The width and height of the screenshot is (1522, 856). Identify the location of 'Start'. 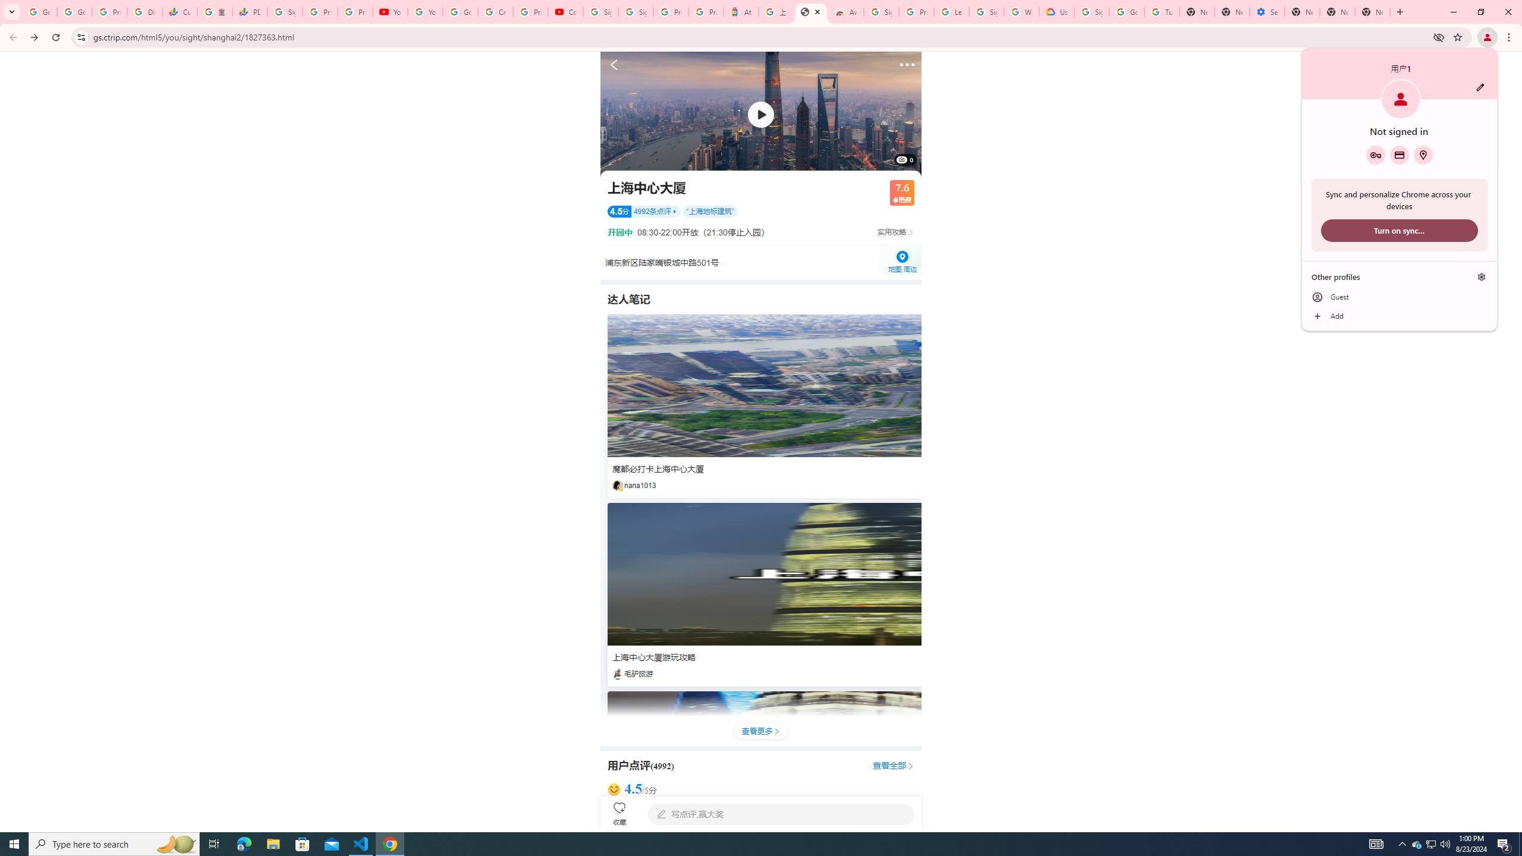
(14, 843).